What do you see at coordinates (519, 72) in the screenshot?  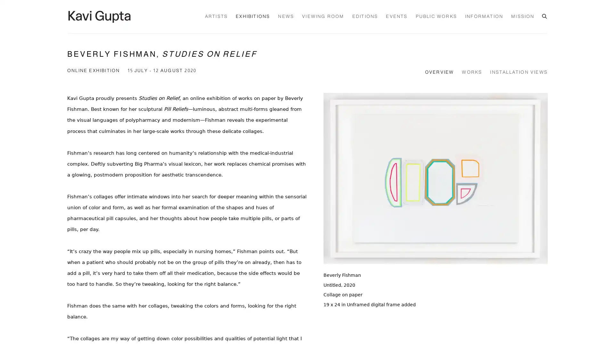 I see `INSTALLATION VIEWS` at bounding box center [519, 72].